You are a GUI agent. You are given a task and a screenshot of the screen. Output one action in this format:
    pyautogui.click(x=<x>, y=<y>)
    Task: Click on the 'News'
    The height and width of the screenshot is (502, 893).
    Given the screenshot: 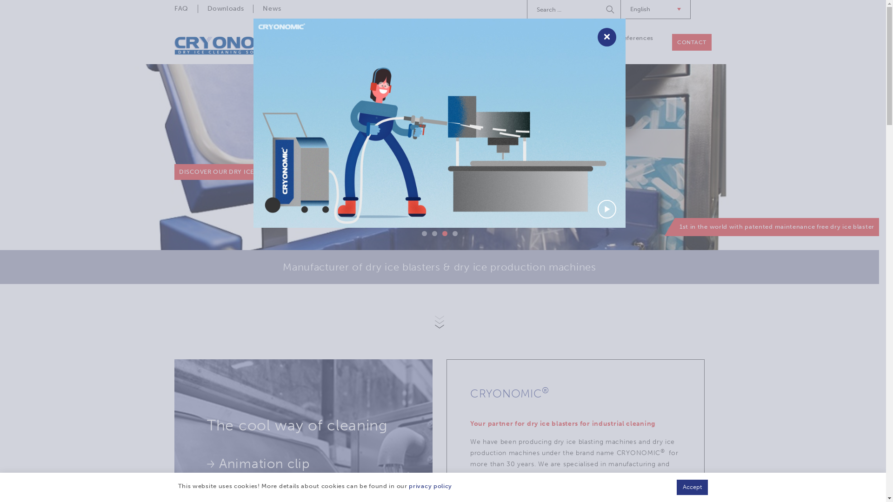 What is the action you would take?
    pyautogui.click(x=271, y=9)
    